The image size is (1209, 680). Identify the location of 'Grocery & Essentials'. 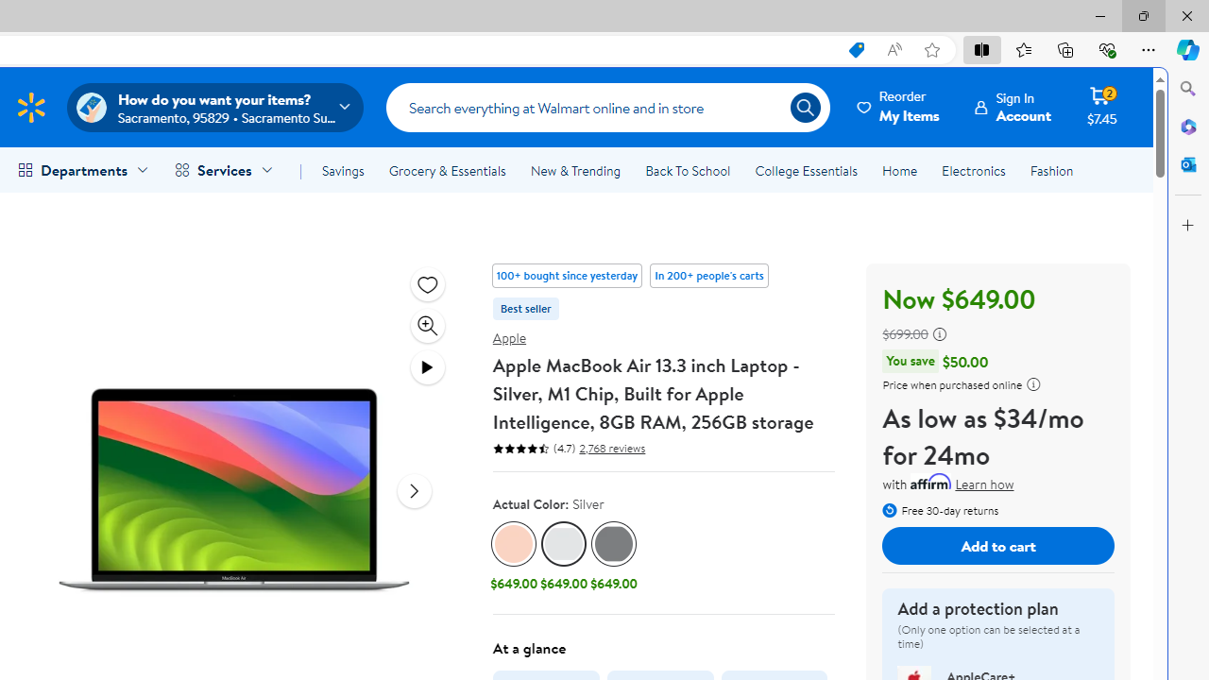
(446, 171).